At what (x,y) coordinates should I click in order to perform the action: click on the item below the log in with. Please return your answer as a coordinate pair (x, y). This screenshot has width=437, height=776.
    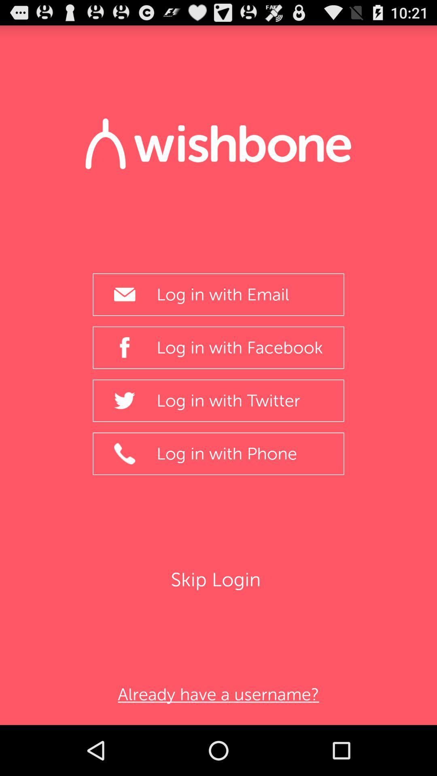
    Looking at the image, I should click on (218, 579).